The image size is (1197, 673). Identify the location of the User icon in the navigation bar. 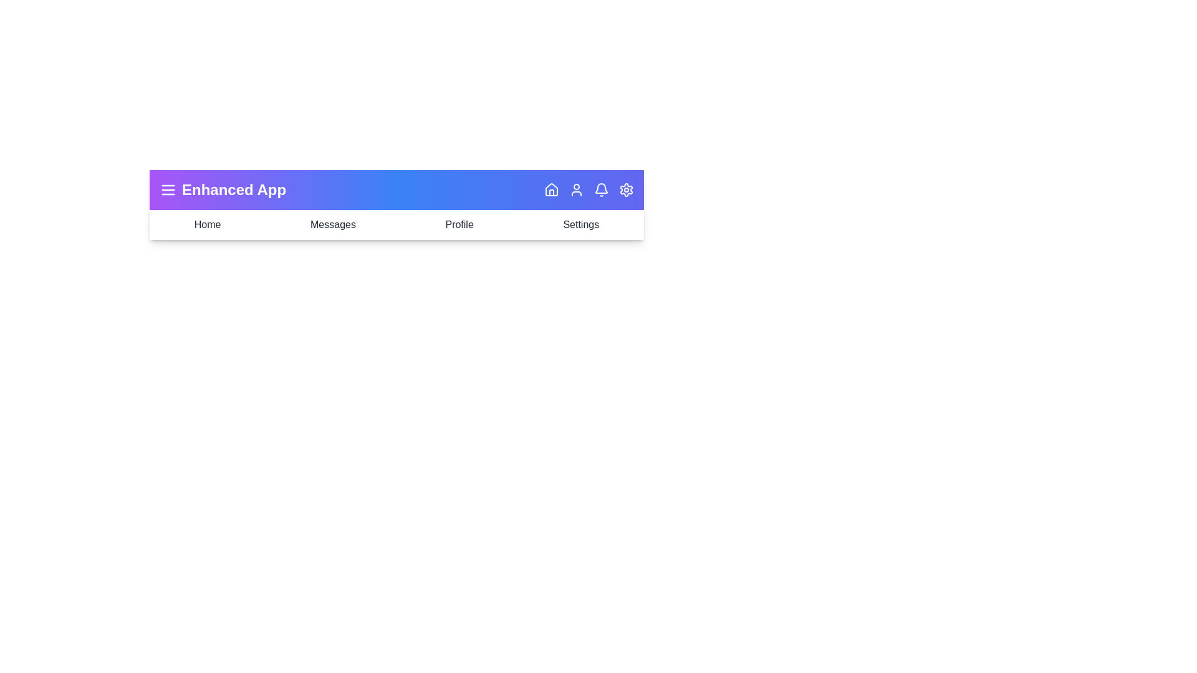
(576, 189).